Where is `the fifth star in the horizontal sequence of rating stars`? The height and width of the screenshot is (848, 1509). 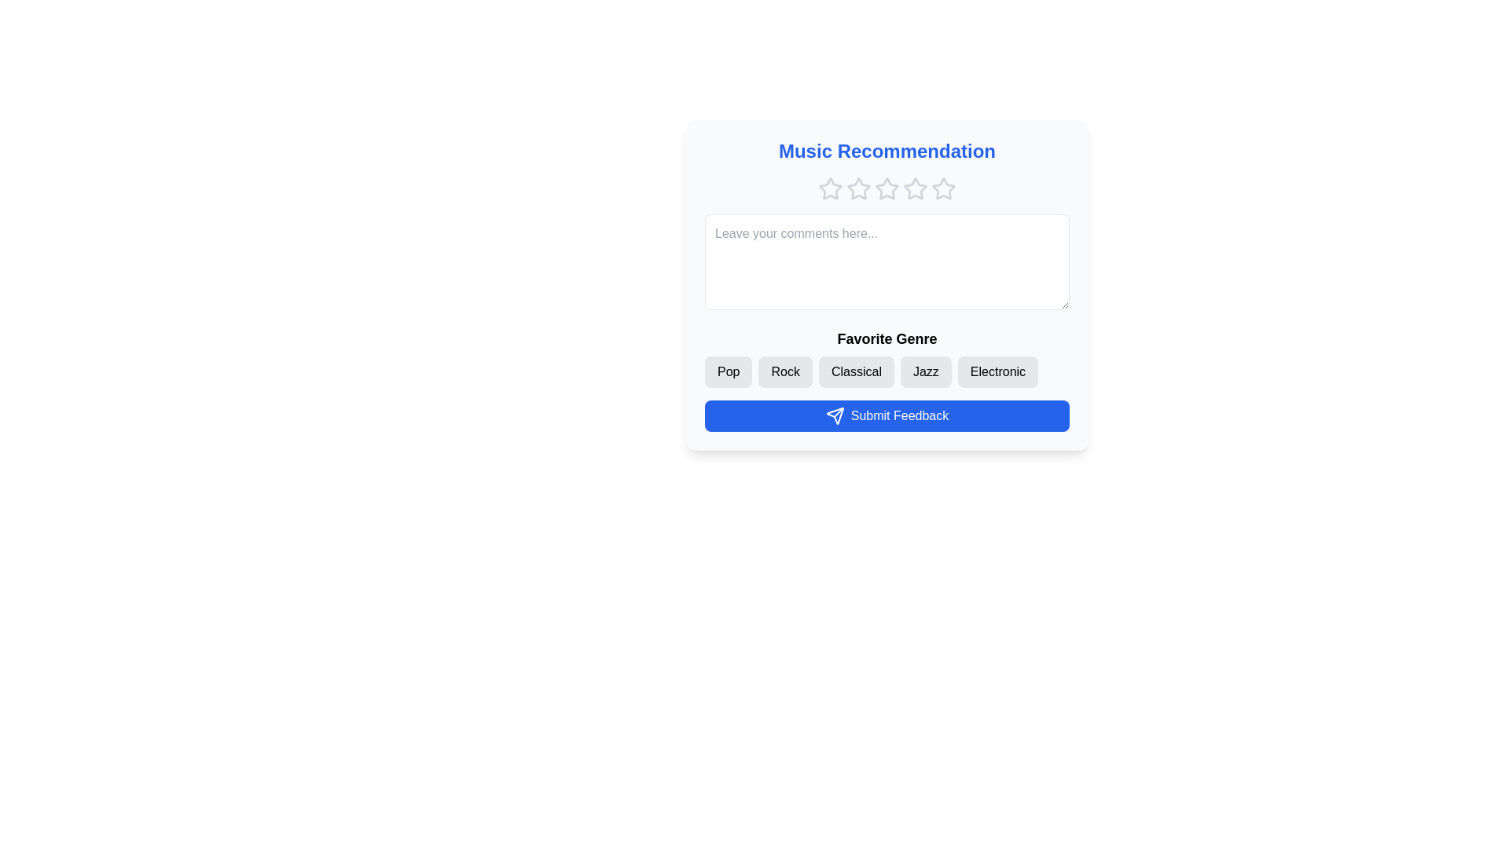 the fifth star in the horizontal sequence of rating stars is located at coordinates (943, 187).